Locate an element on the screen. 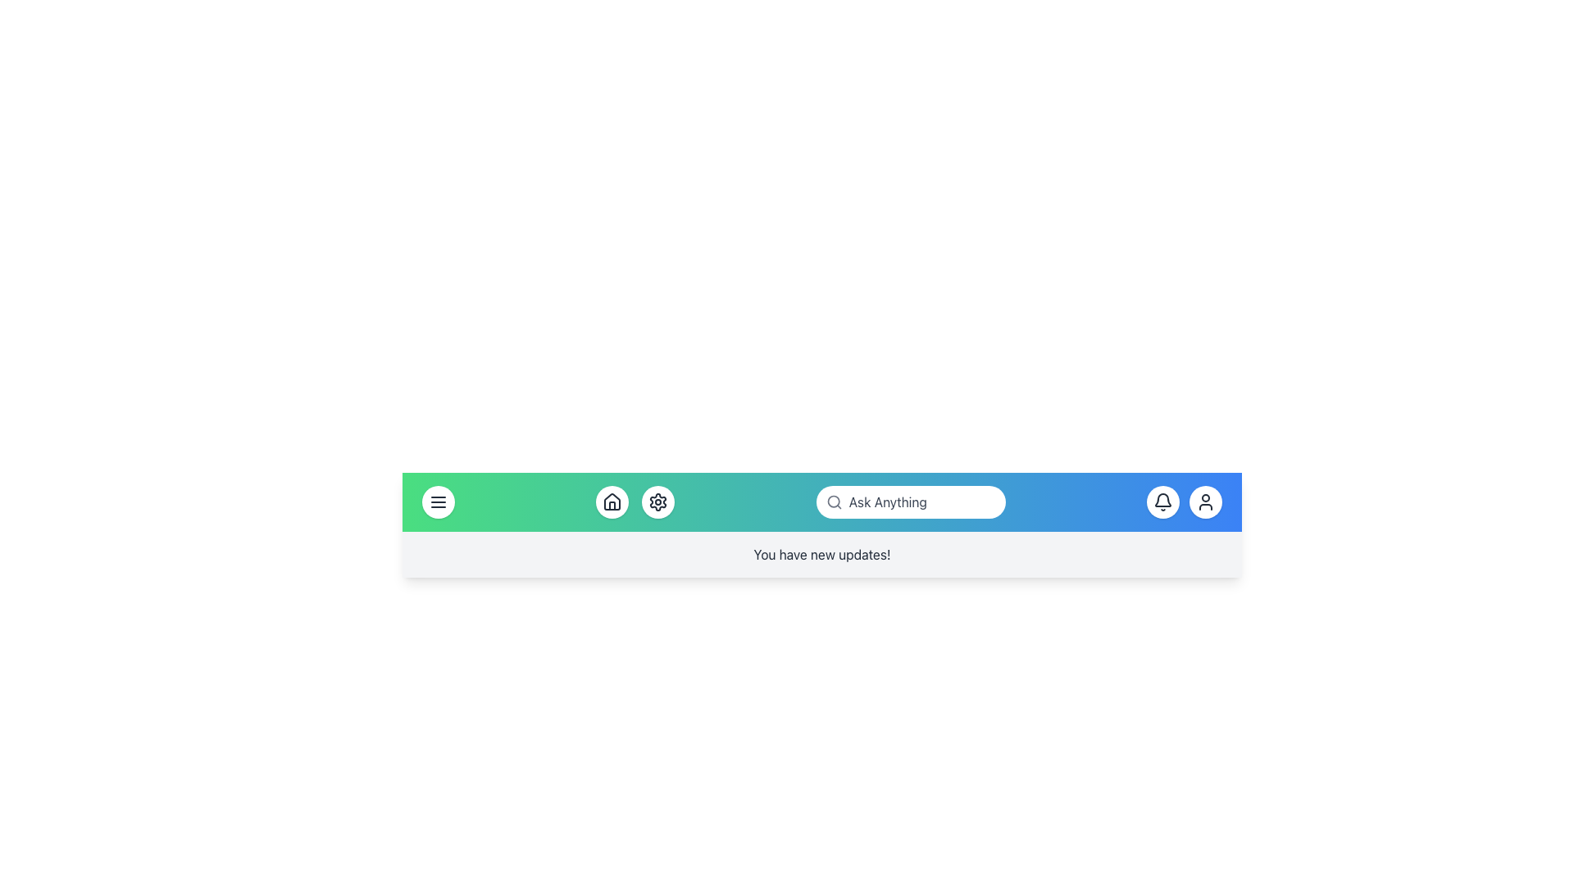 This screenshot has width=1574, height=885. the user-related actions button located on the far-right side of the top navigation bar is located at coordinates (1205, 501).